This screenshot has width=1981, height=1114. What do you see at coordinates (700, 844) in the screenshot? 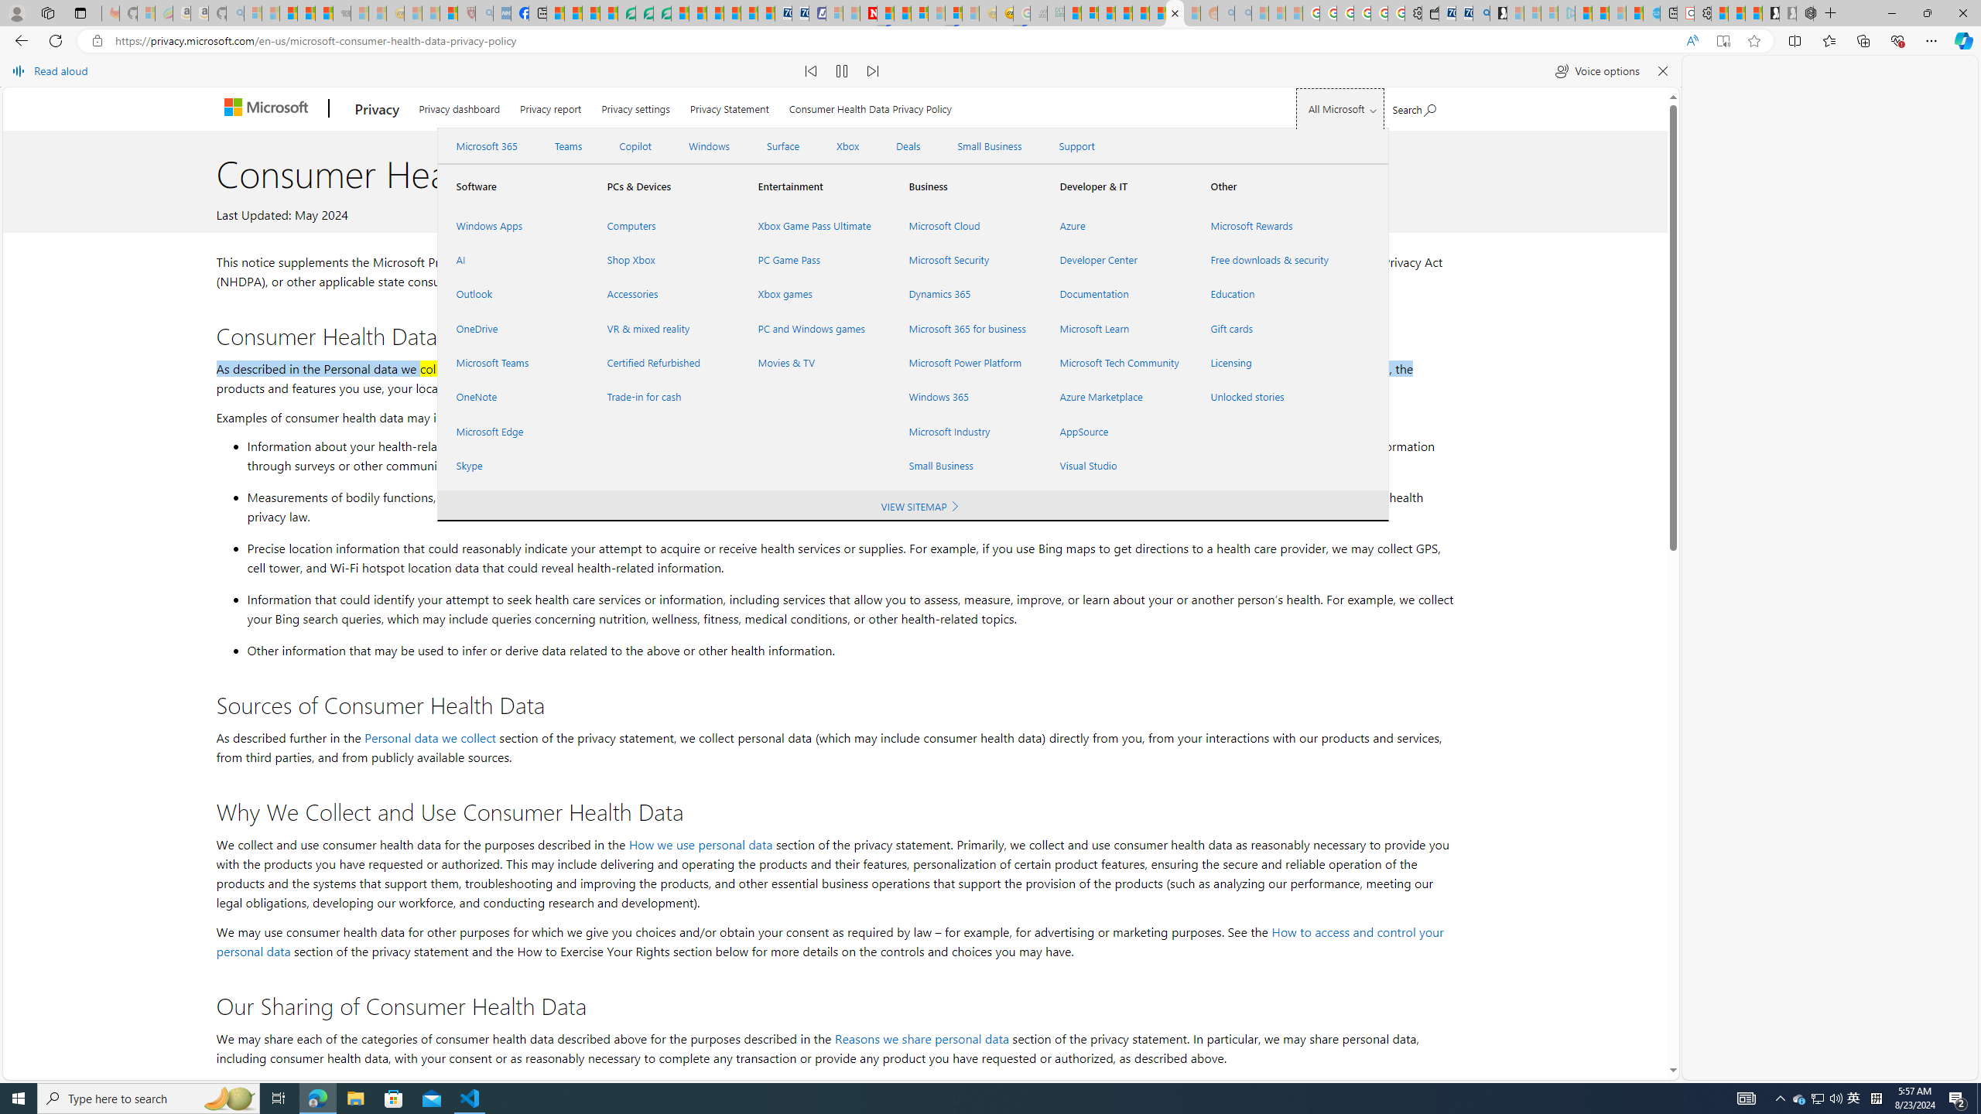
I see `'How we use personal data'` at bounding box center [700, 844].